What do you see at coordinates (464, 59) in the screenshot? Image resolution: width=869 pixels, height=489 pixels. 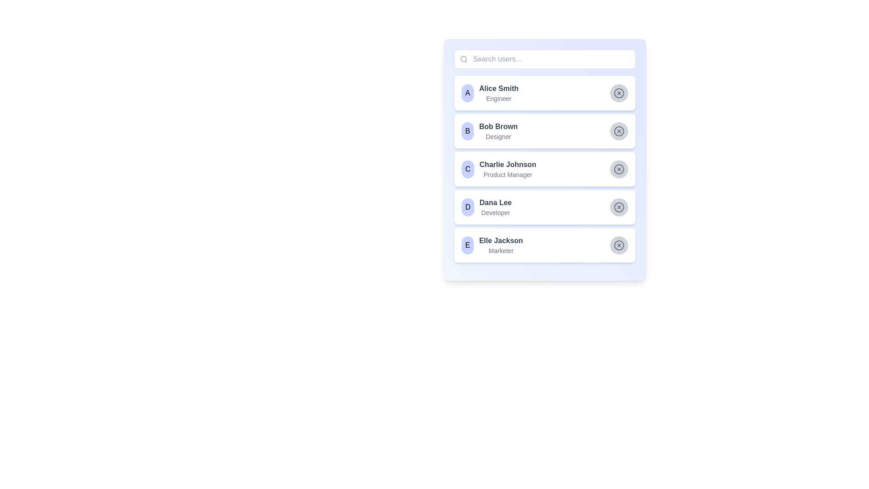 I see `the search icon located at the left-most edge inside the search input field, indicating the search functionality` at bounding box center [464, 59].